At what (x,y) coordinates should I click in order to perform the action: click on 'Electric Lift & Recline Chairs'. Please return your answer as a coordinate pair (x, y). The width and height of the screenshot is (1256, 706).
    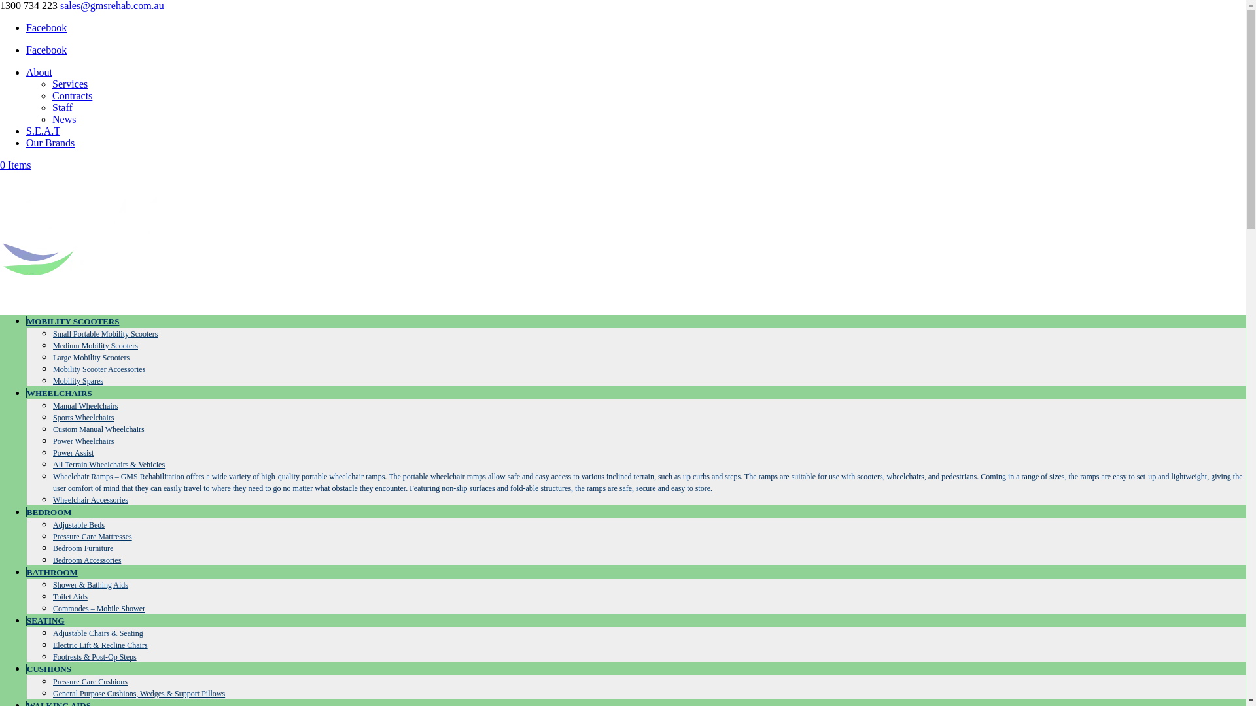
    Looking at the image, I should click on (99, 645).